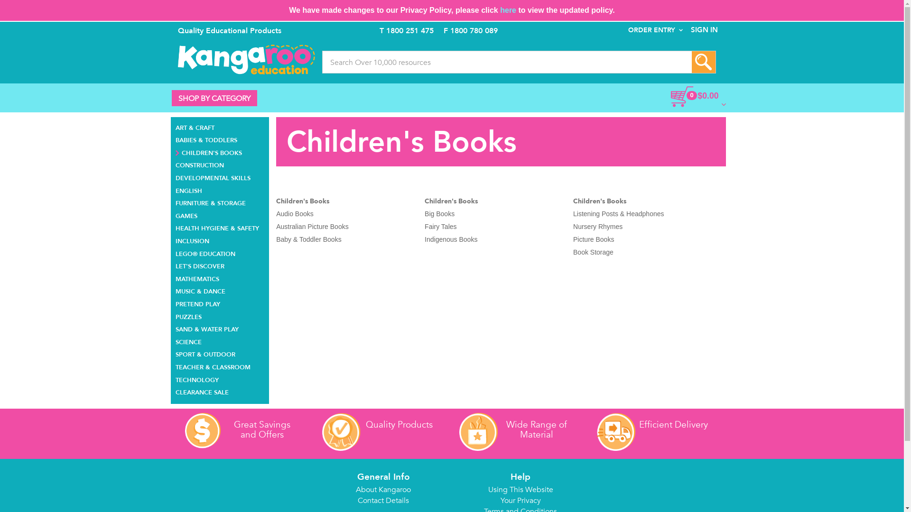 This screenshot has width=911, height=512. What do you see at coordinates (206, 328) in the screenshot?
I see `'SAND & WATER PLAY'` at bounding box center [206, 328].